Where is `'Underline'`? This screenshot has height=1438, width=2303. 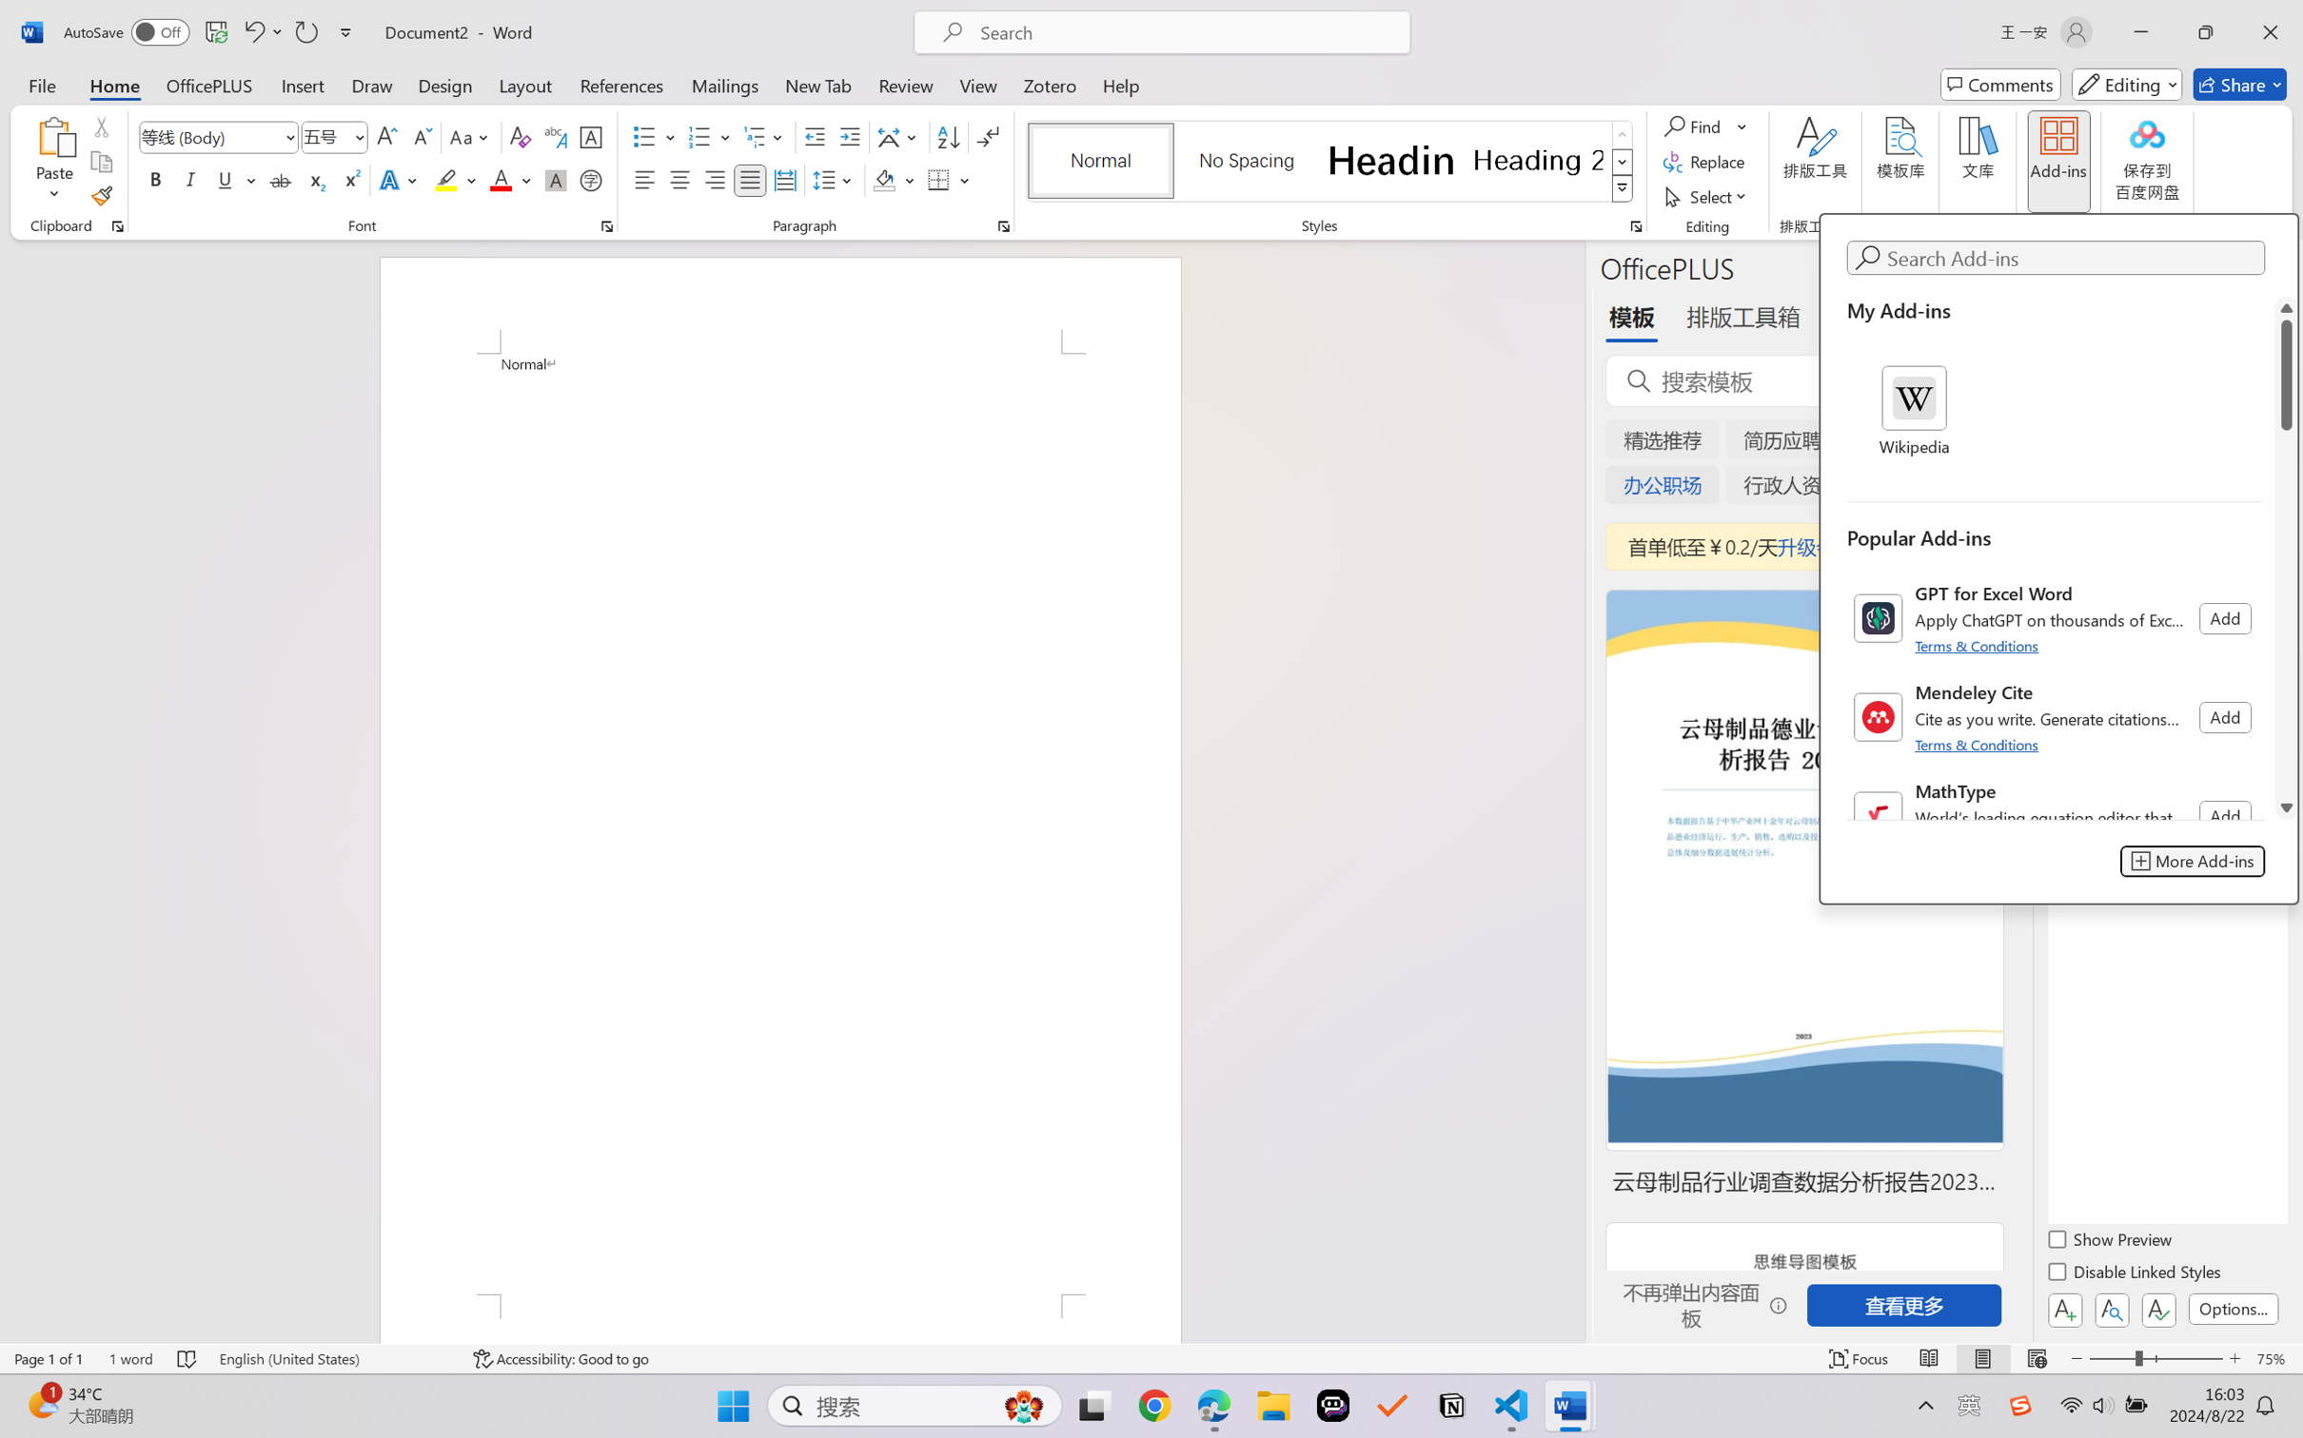
'Underline' is located at coordinates (236, 179).